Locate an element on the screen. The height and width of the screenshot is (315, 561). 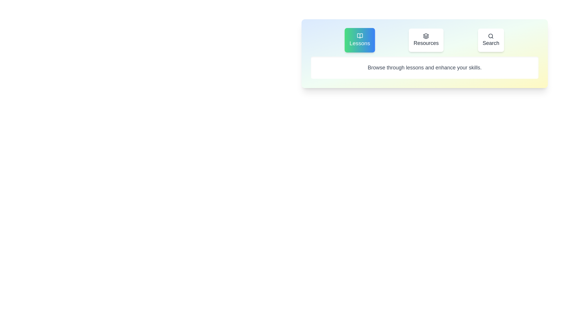
the Resources tab to view its content is located at coordinates (426, 40).